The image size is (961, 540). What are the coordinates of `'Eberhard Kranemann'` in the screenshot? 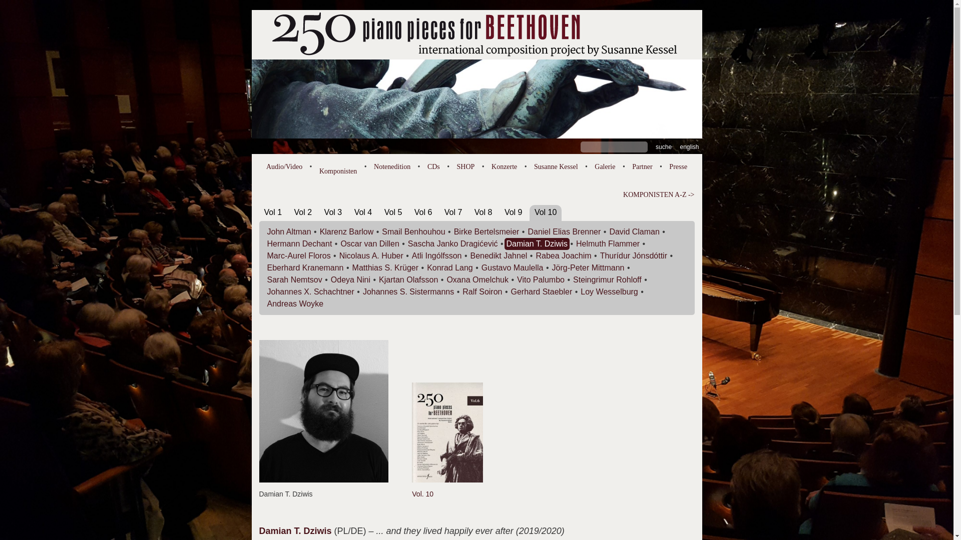 It's located at (305, 267).